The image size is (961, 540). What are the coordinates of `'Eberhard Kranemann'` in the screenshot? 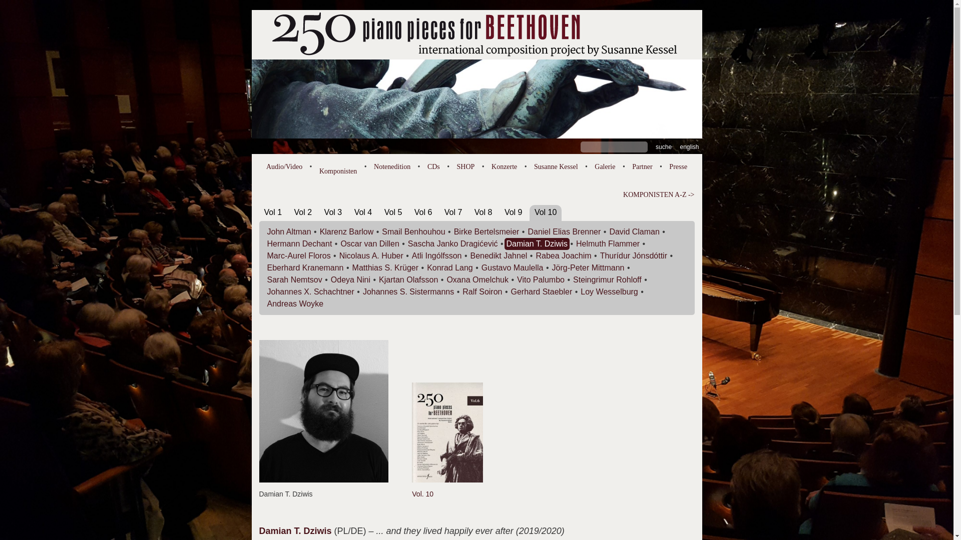 It's located at (305, 267).